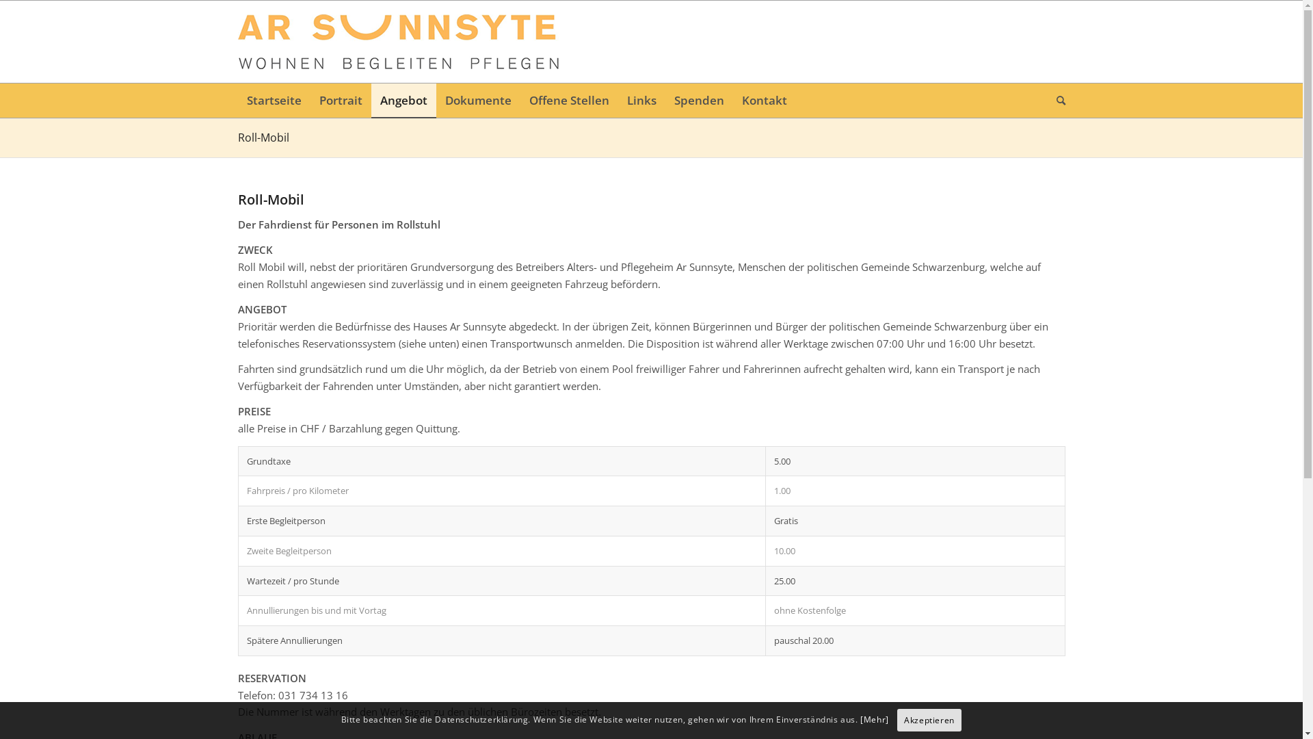 Image resolution: width=1313 pixels, height=739 pixels. Describe the element at coordinates (641, 99) in the screenshot. I see `'Links'` at that location.